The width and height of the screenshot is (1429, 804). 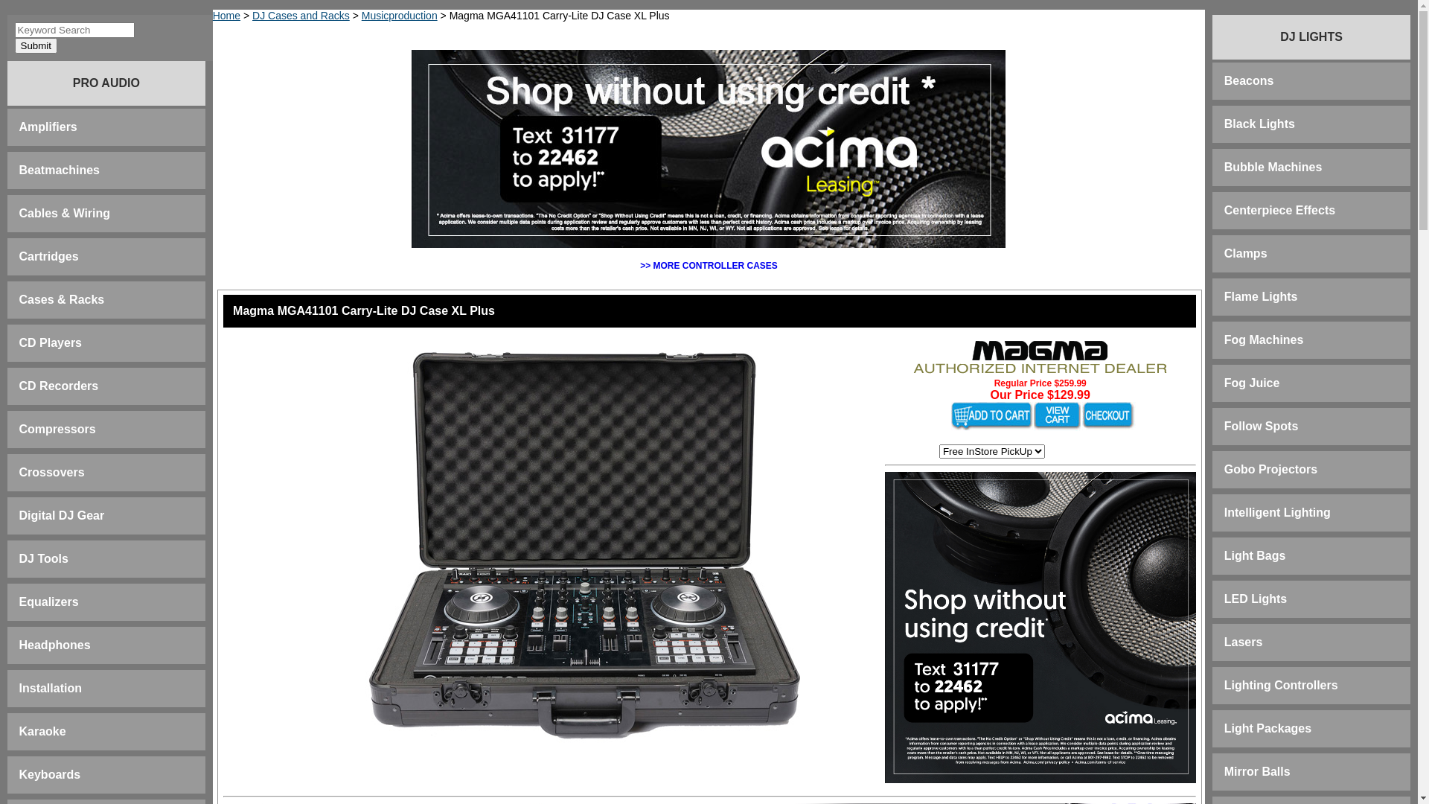 What do you see at coordinates (1279, 36) in the screenshot?
I see `'DJ LIGHTS'` at bounding box center [1279, 36].